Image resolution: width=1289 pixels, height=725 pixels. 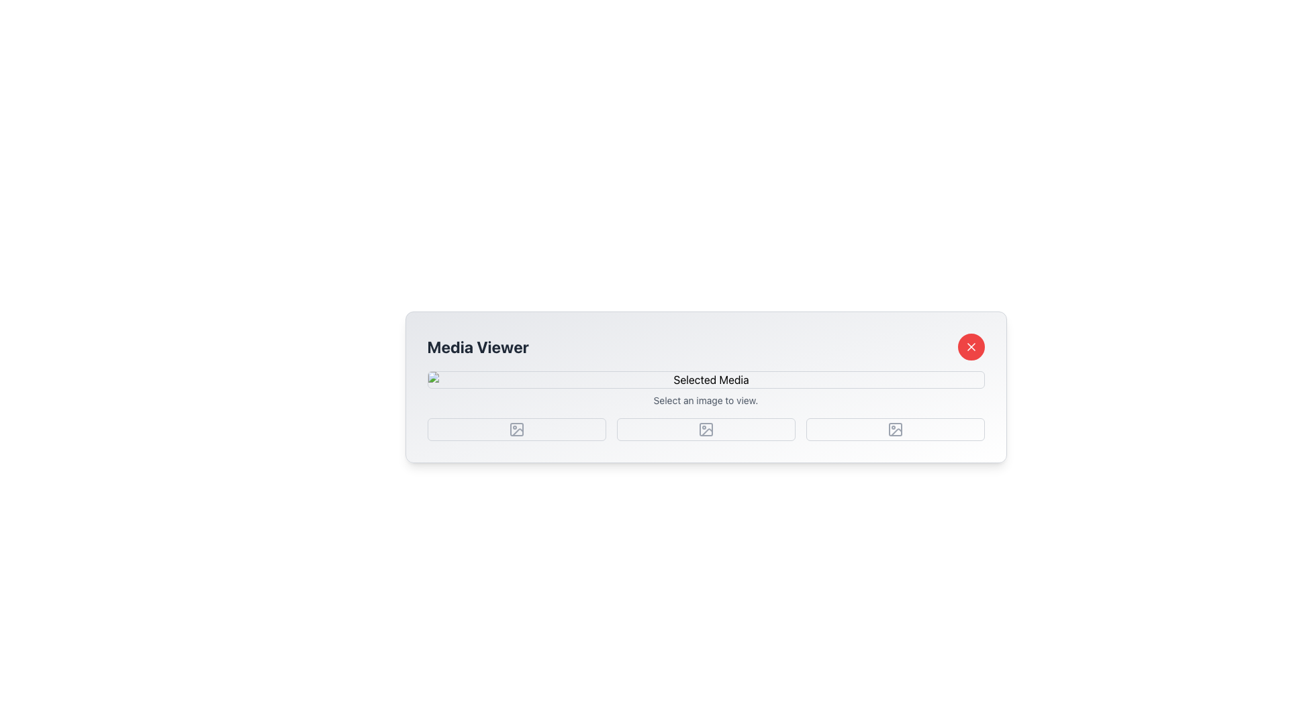 What do you see at coordinates (895, 430) in the screenshot?
I see `the rightmost icon in the 'Media Viewer' bar` at bounding box center [895, 430].